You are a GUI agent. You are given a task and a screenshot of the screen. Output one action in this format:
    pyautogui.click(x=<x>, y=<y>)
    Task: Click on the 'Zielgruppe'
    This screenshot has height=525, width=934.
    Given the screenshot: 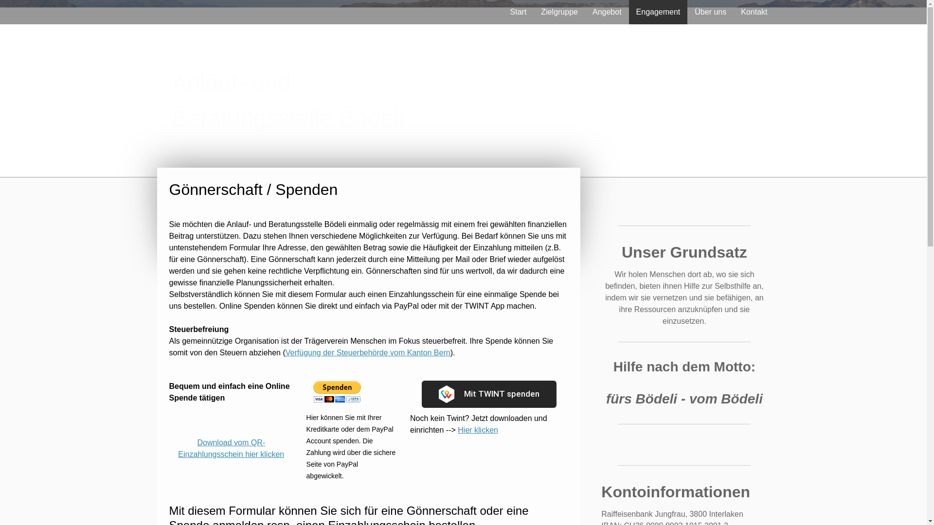 What is the action you would take?
    pyautogui.click(x=559, y=12)
    